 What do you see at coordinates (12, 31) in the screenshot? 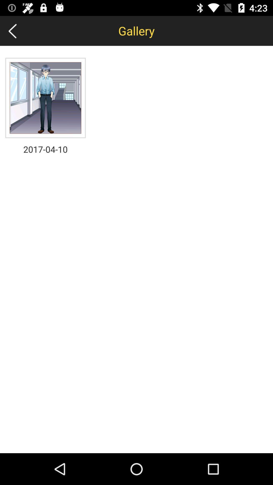
I see `the arrow_backward icon` at bounding box center [12, 31].